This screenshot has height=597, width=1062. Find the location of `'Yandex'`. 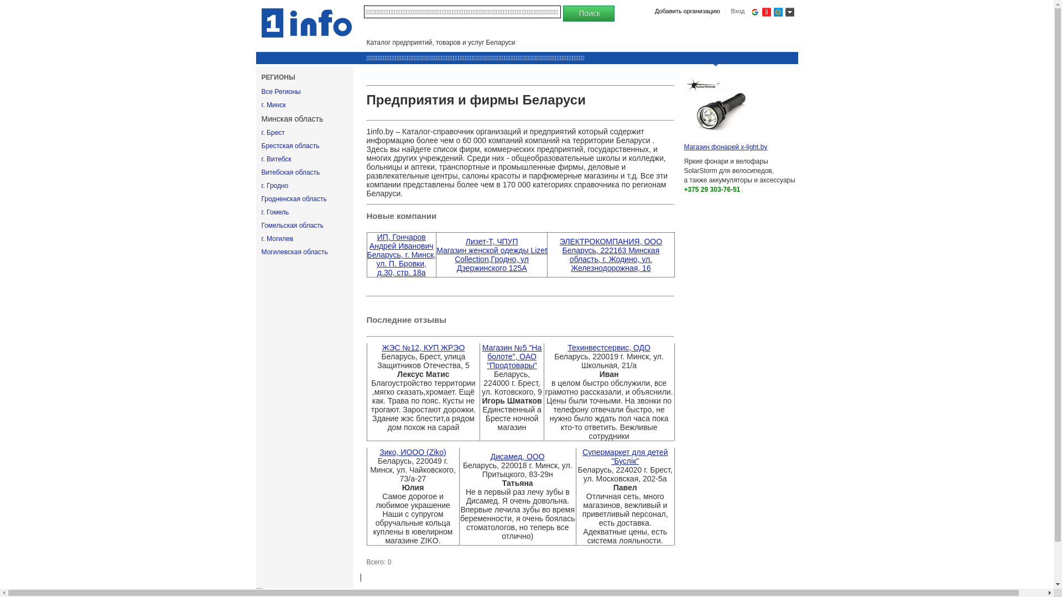

'Yandex' is located at coordinates (761, 12).